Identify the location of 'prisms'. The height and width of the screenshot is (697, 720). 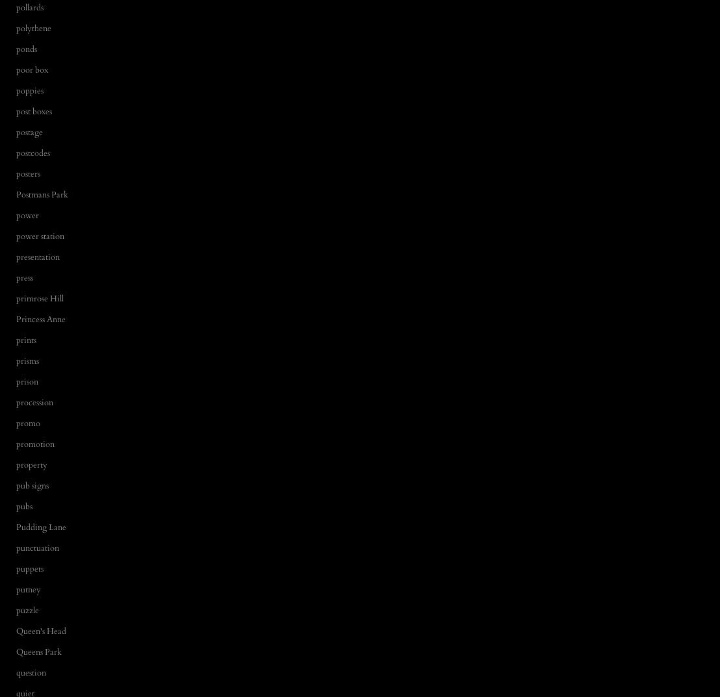
(27, 360).